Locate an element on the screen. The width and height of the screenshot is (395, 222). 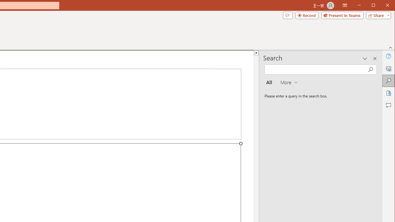
'Close pane' is located at coordinates (375, 59).